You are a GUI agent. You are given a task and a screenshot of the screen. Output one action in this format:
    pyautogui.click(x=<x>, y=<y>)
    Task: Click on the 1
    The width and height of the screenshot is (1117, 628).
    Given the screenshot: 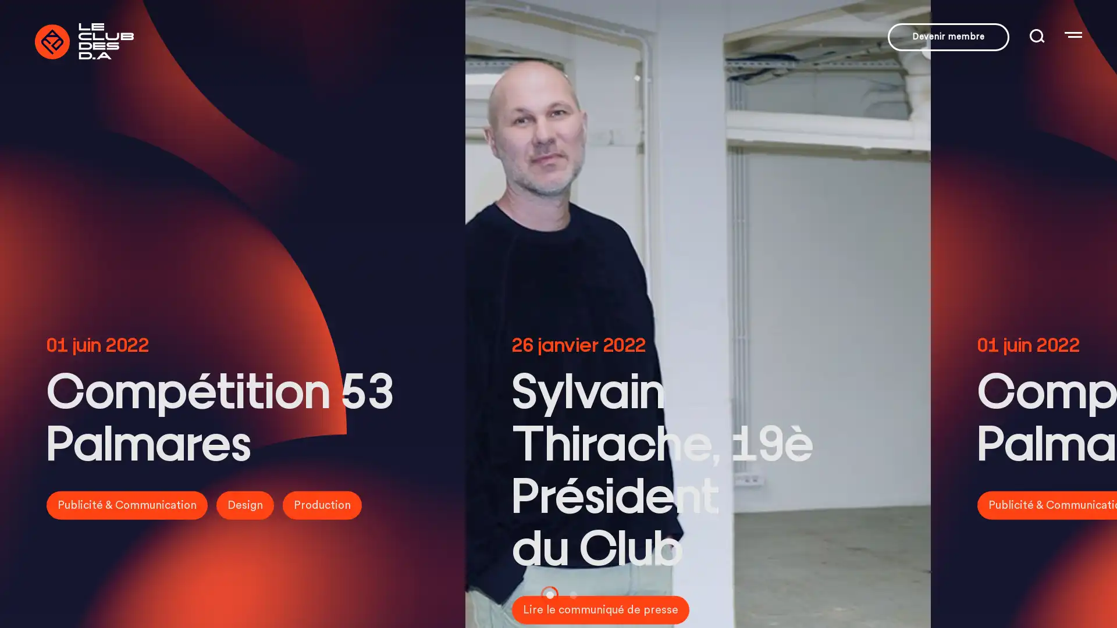 What is the action you would take?
    pyautogui.click(x=546, y=595)
    